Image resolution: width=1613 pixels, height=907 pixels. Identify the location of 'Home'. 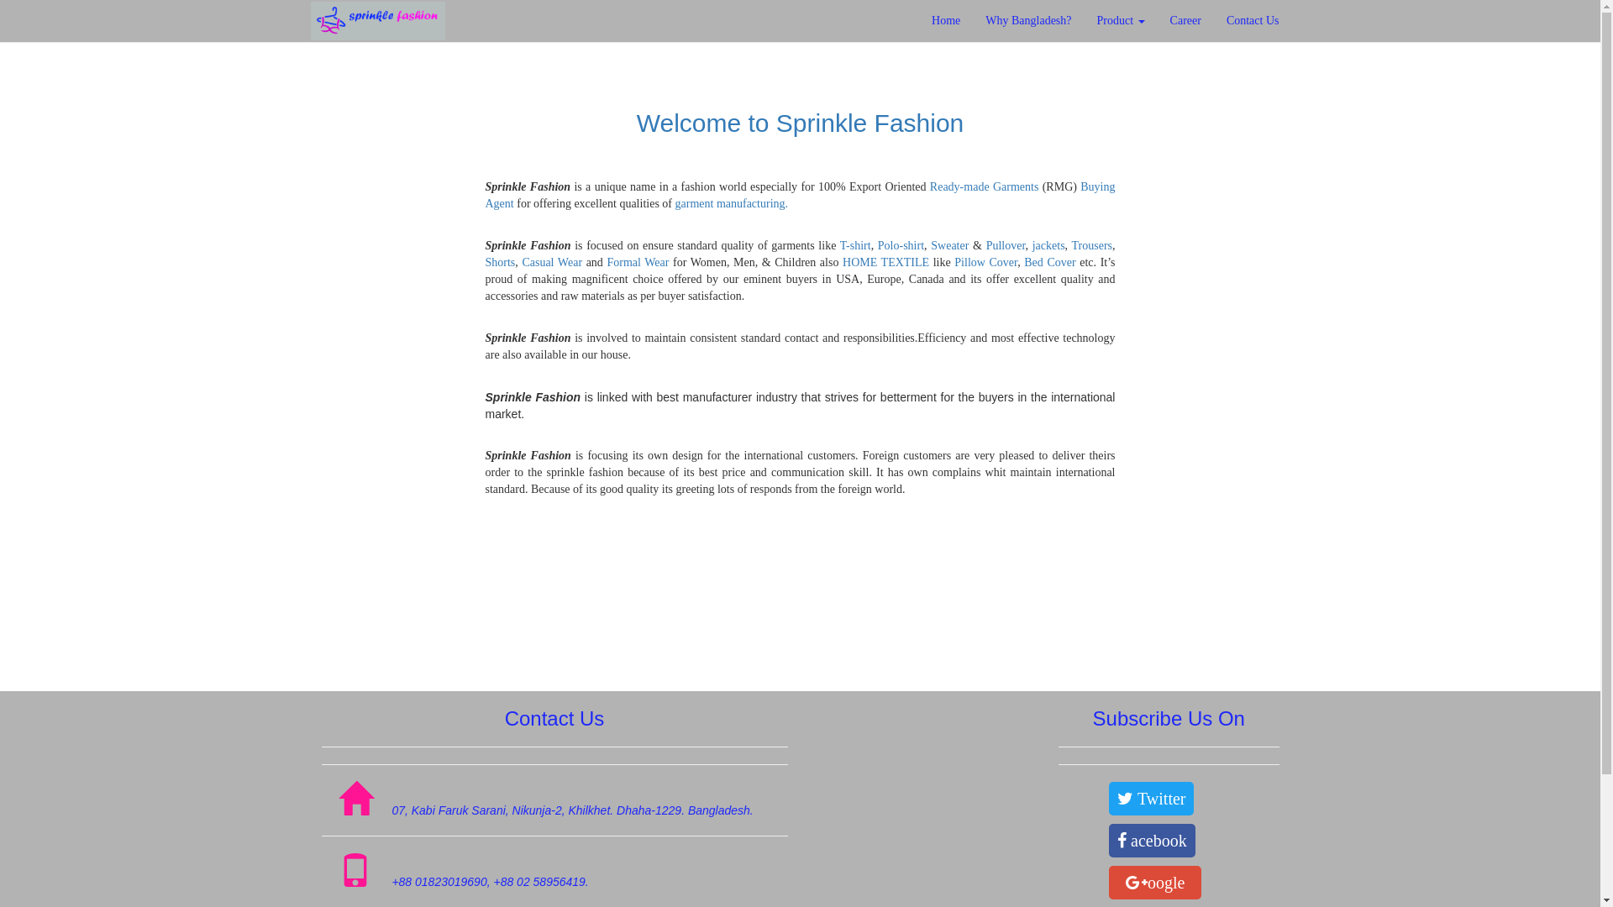
(946, 20).